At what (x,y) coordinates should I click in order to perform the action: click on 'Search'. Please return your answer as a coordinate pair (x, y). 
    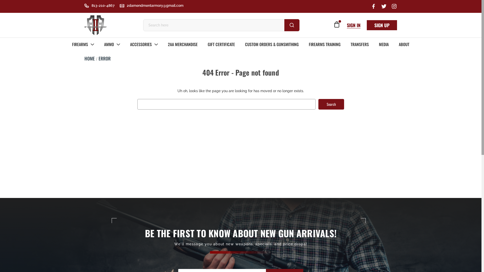
    Looking at the image, I should click on (318, 104).